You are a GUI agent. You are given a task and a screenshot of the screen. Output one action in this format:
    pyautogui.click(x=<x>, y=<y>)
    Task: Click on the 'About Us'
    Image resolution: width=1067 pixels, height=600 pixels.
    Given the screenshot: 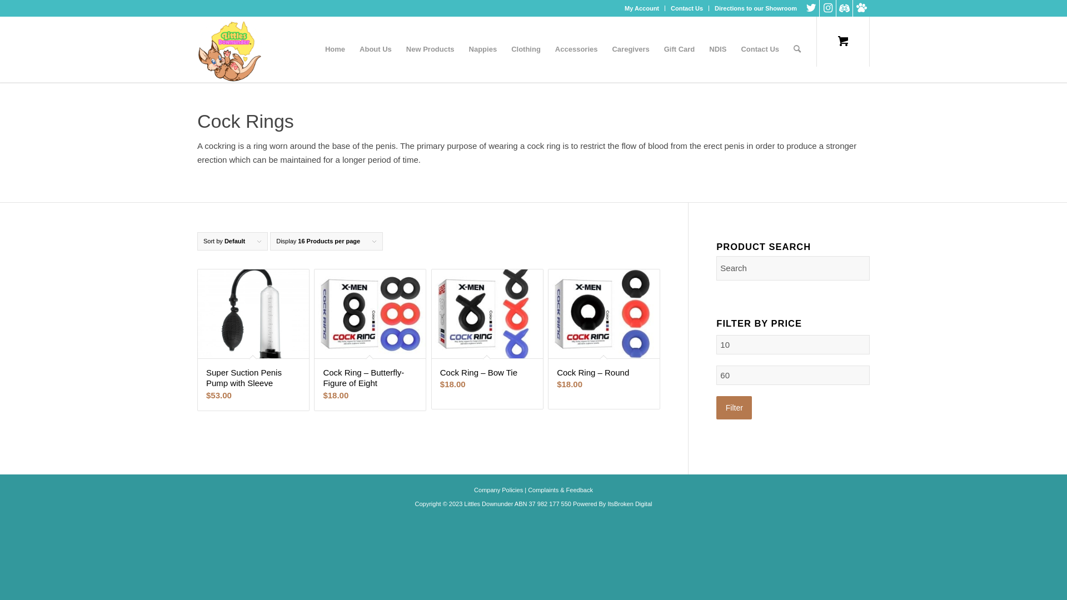 What is the action you would take?
    pyautogui.click(x=376, y=48)
    